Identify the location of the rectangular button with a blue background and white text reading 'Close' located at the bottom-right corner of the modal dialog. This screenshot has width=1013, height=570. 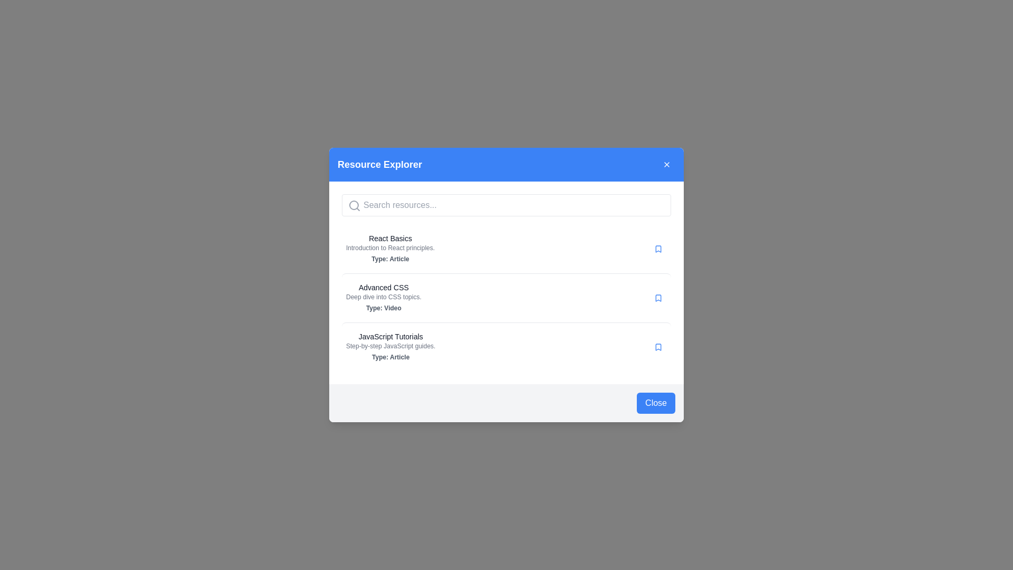
(655, 403).